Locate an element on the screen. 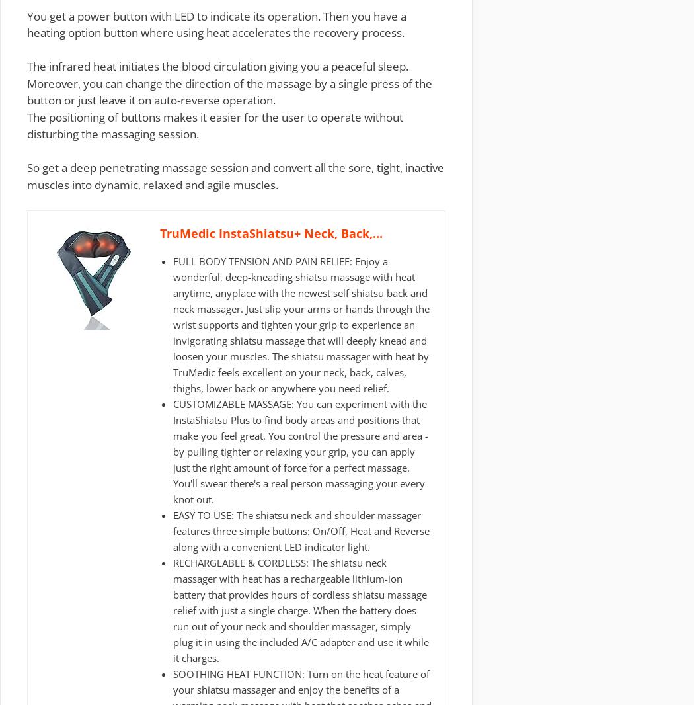  'TruMedic InstaShiatsu+ Neck, Back,...' is located at coordinates (271, 232).